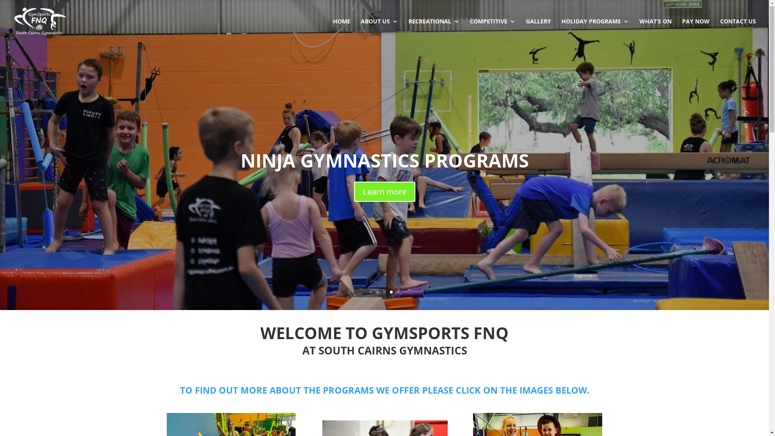  Describe the element at coordinates (738, 30) in the screenshot. I see `'CONTACT US'` at that location.